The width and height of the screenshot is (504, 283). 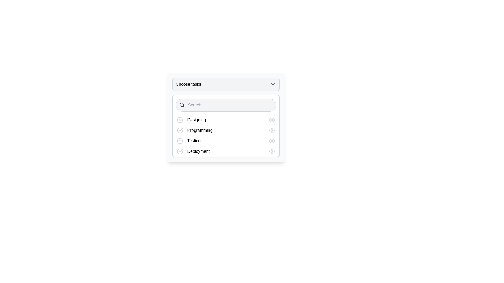 What do you see at coordinates (181, 129) in the screenshot?
I see `the visual indicator icon for the 'Programming' task` at bounding box center [181, 129].